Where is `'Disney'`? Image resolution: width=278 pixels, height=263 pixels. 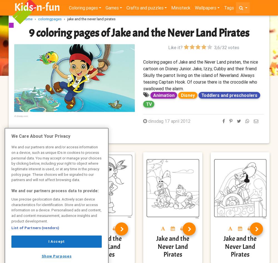
'Disney' is located at coordinates (188, 94).